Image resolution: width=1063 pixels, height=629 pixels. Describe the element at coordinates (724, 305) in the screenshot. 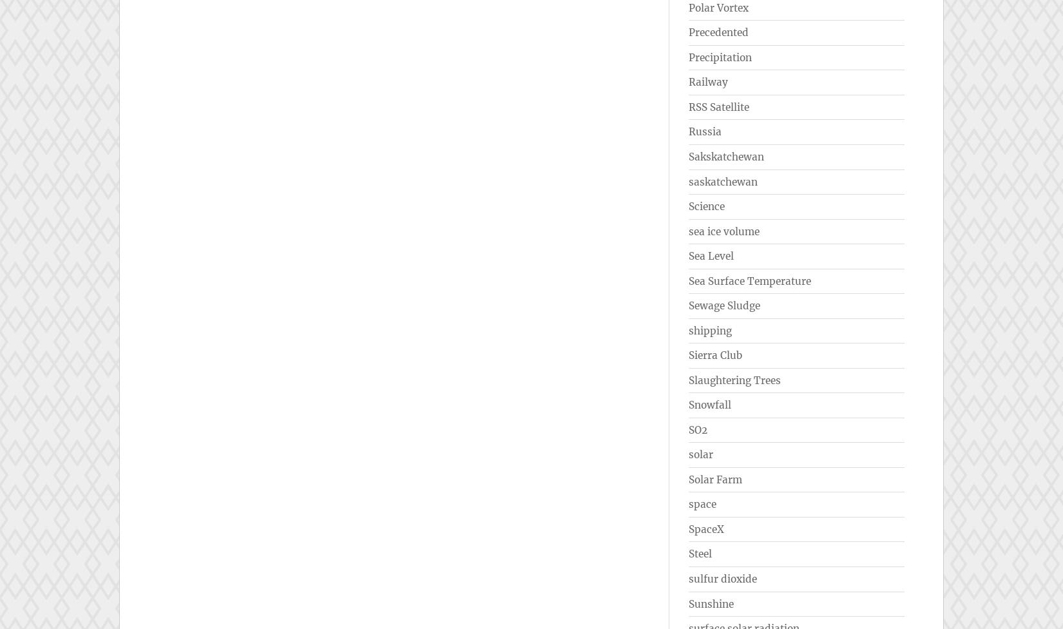

I see `'Sewage Sludge'` at that location.